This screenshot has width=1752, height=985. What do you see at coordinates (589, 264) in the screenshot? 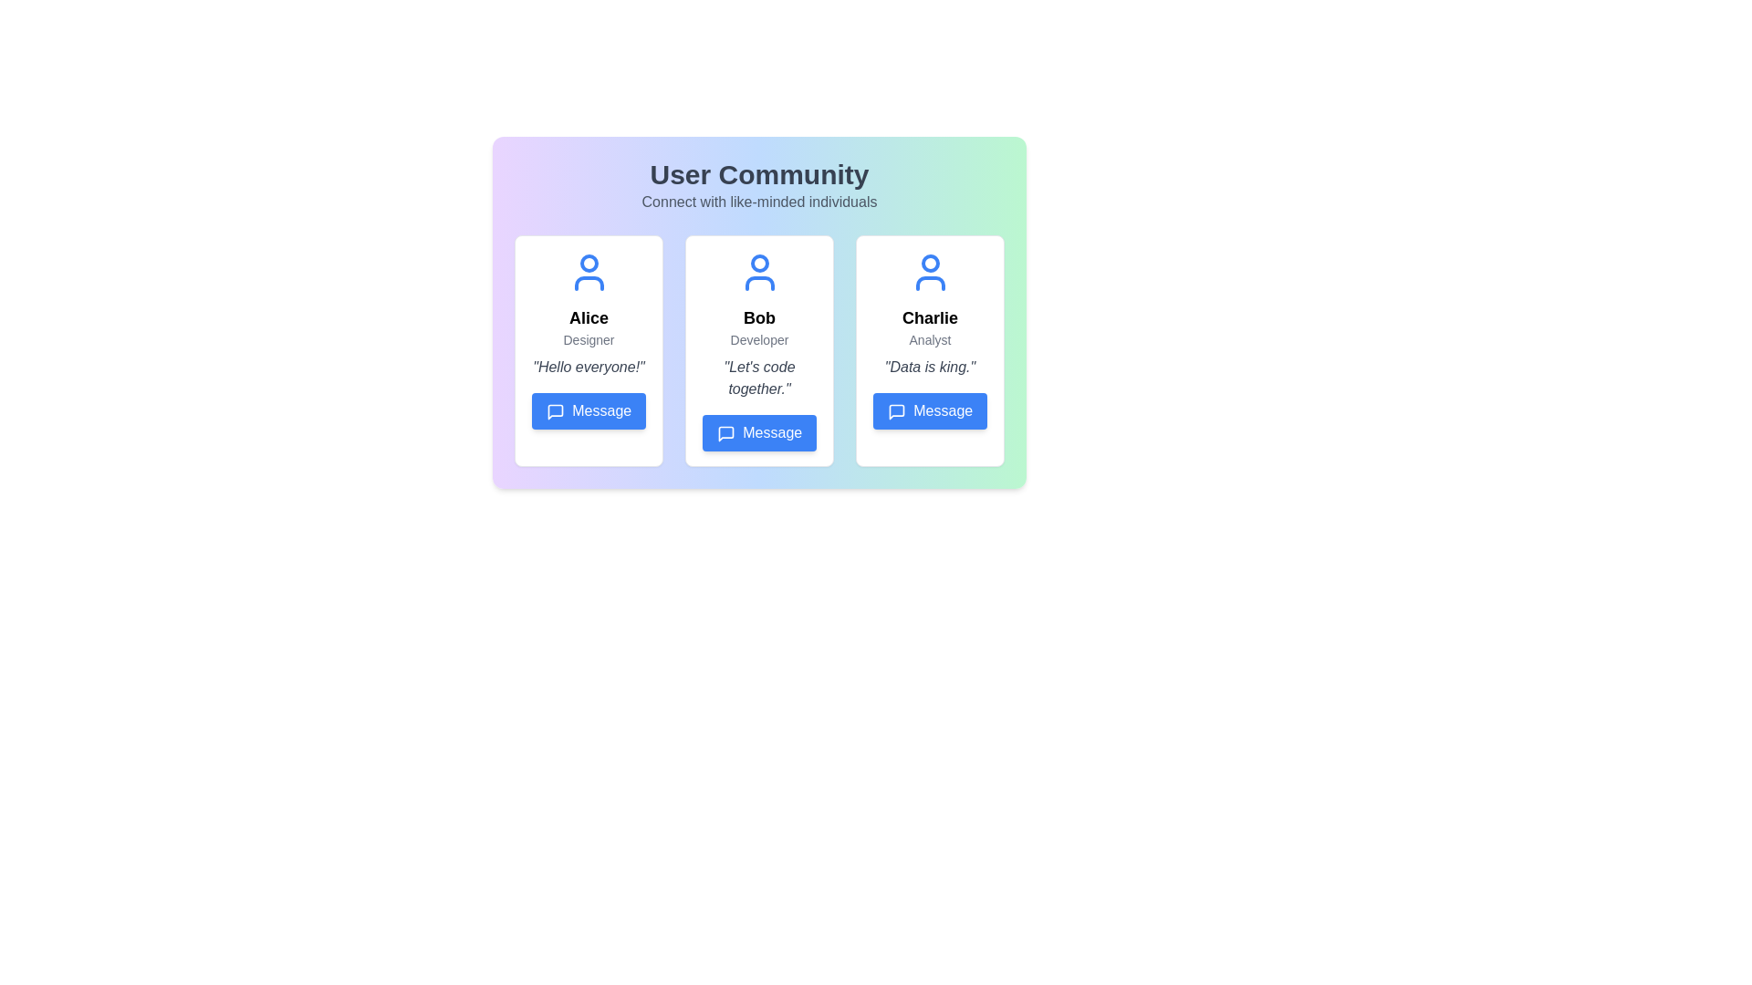
I see `the circular user head icon in Alice's profile card, which is represented by a vector graphic element within an SVG` at bounding box center [589, 264].